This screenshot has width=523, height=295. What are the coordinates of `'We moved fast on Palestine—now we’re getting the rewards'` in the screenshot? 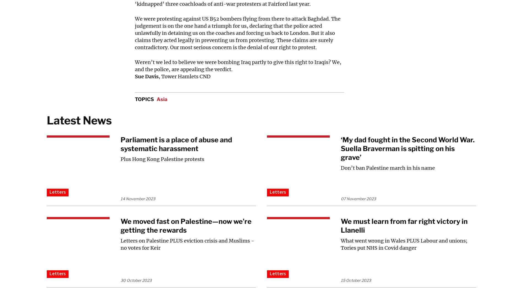 It's located at (120, 226).